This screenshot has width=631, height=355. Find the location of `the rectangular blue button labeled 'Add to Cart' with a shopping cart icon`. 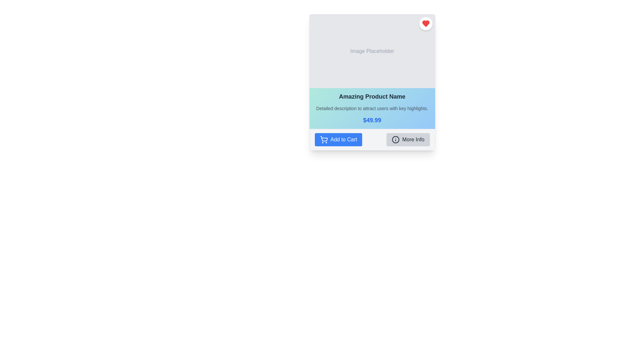

the rectangular blue button labeled 'Add to Cart' with a shopping cart icon is located at coordinates (338, 139).